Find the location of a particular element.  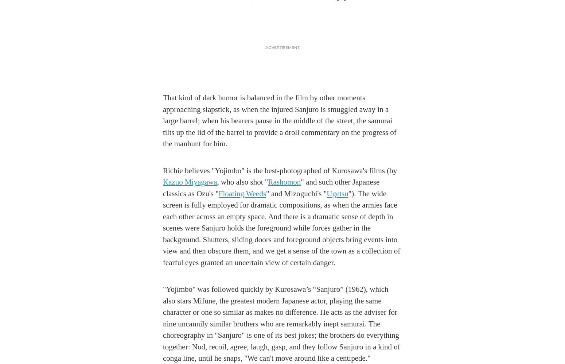

', who also shot "' is located at coordinates (242, 182).